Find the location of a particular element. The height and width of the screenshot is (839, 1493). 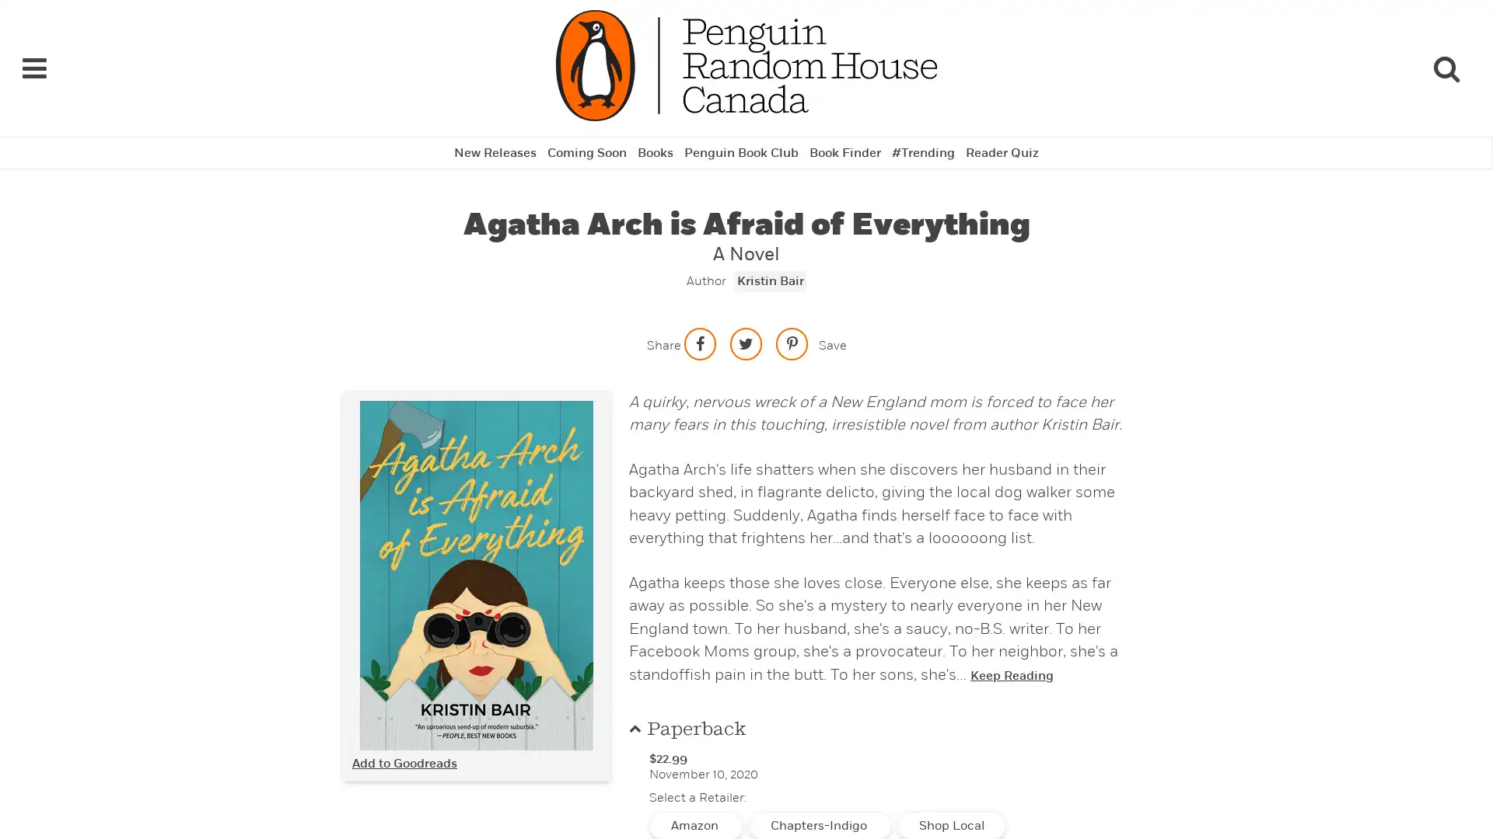

Shop Local is located at coordinates (951, 773).